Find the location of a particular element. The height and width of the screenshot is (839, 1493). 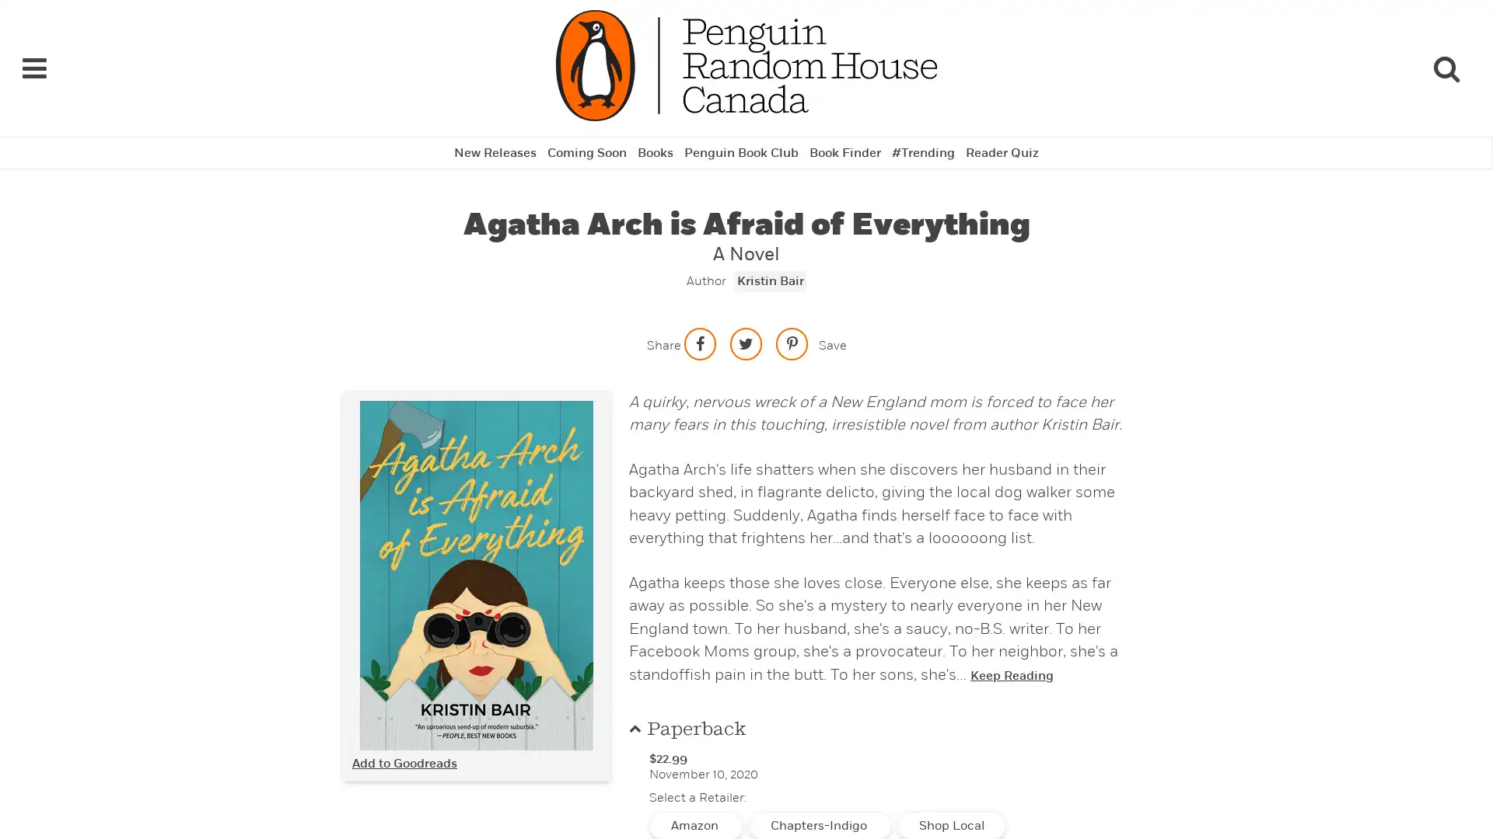

Shop Local is located at coordinates (951, 773).